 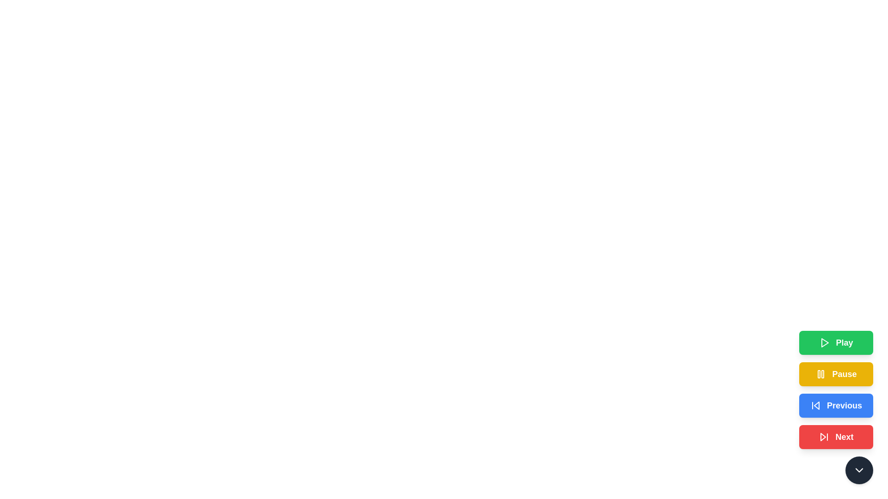 What do you see at coordinates (836, 437) in the screenshot?
I see `the Next button to perform the corresponding action` at bounding box center [836, 437].